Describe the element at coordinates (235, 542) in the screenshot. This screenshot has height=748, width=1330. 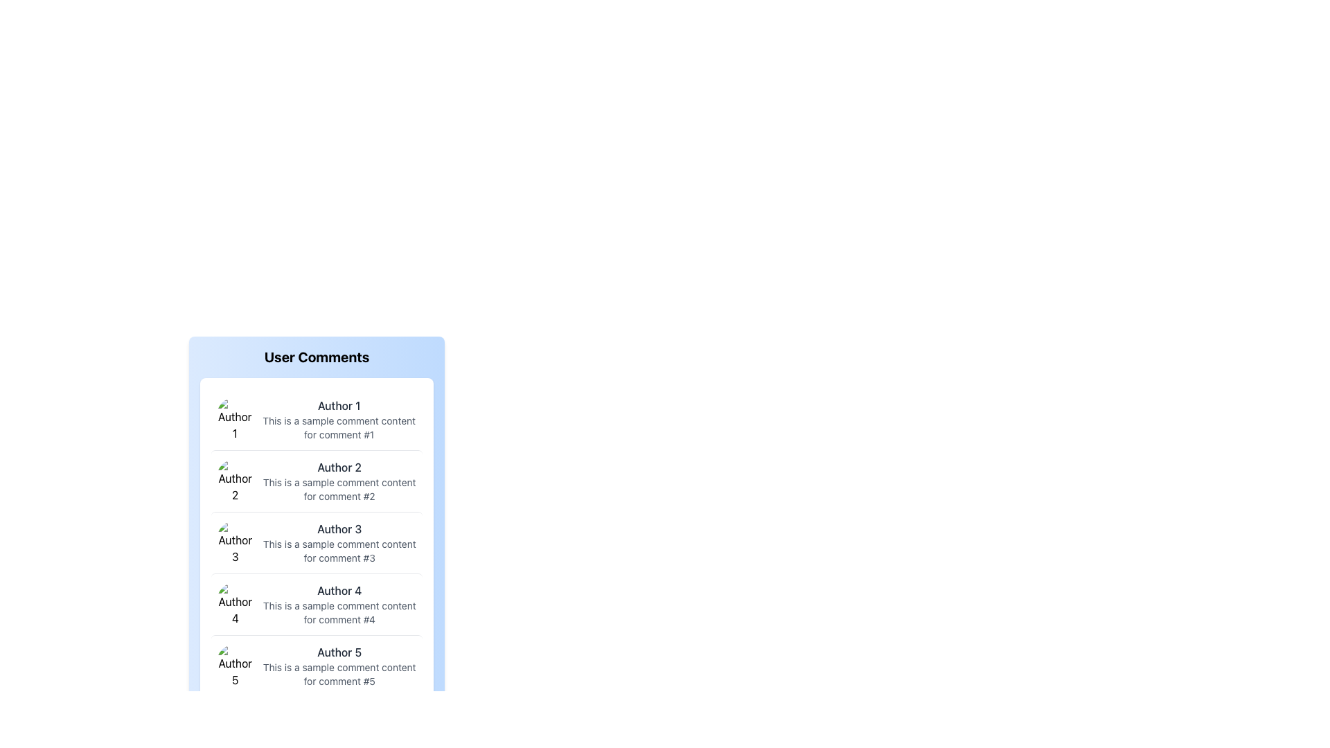
I see `the avatar image of 'Author 3'` at that location.